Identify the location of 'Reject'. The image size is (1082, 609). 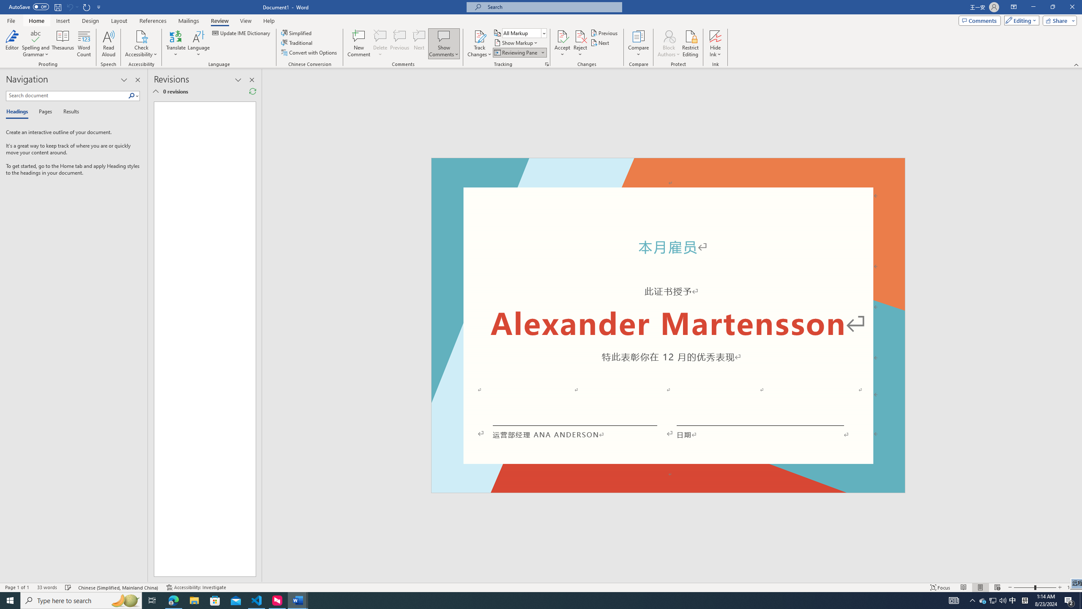
(580, 44).